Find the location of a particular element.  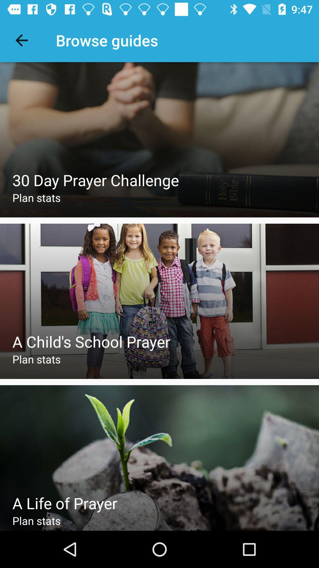

icon to the left of the browse guides is located at coordinates (21, 40).